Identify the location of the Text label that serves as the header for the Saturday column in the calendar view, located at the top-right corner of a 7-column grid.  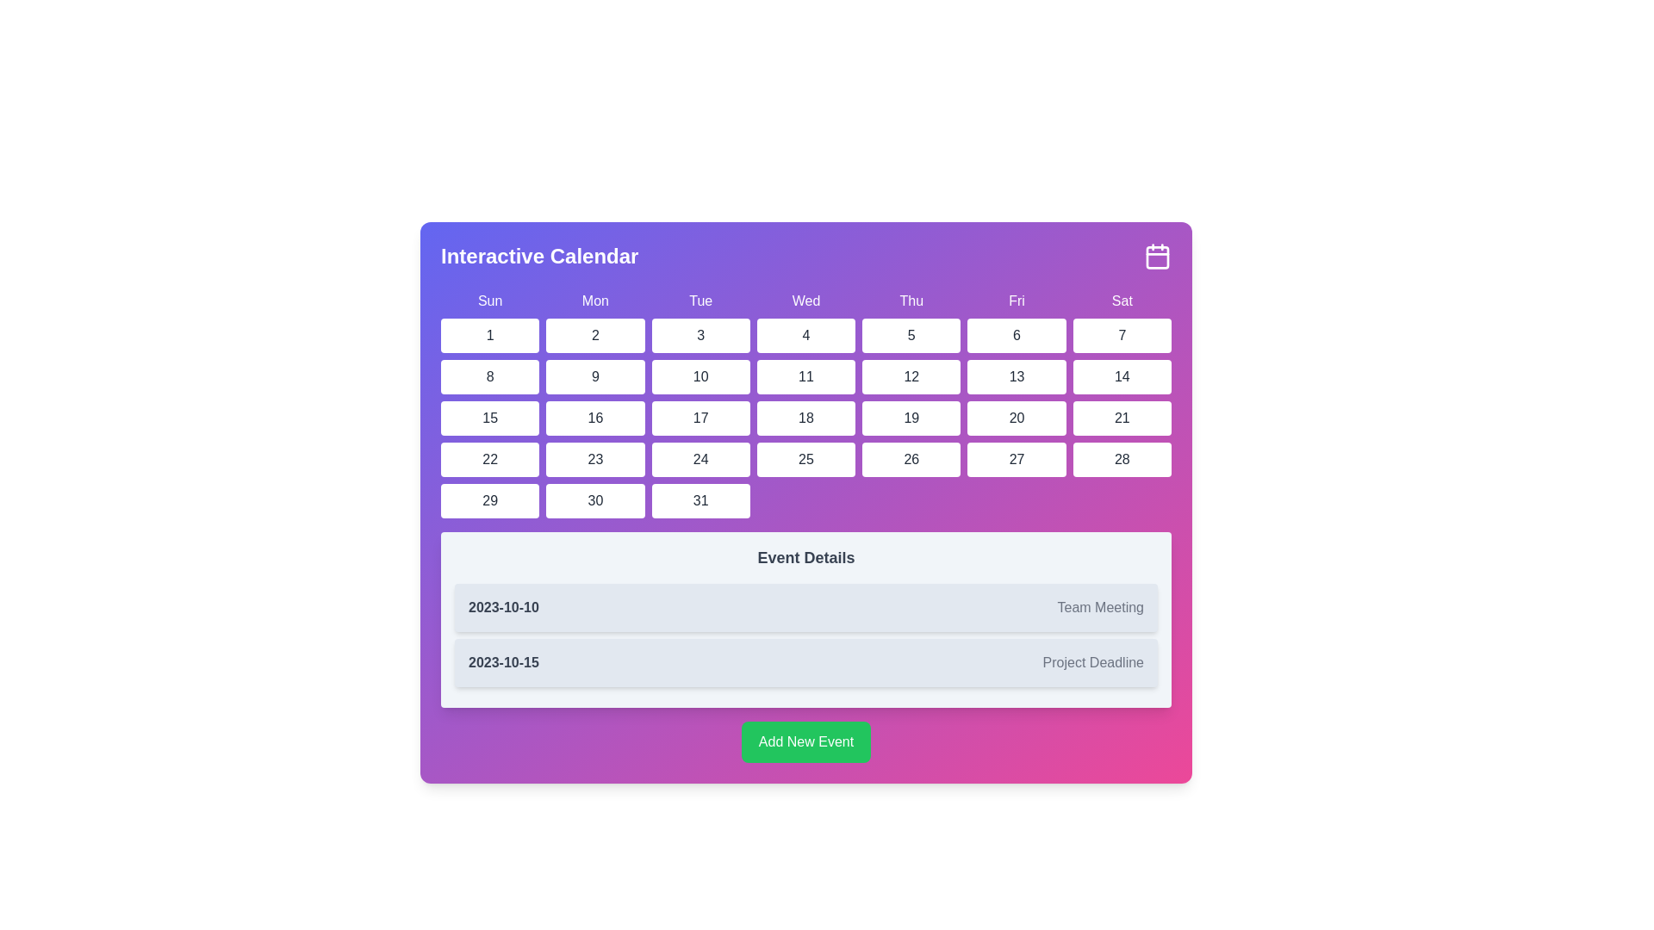
(1122, 301).